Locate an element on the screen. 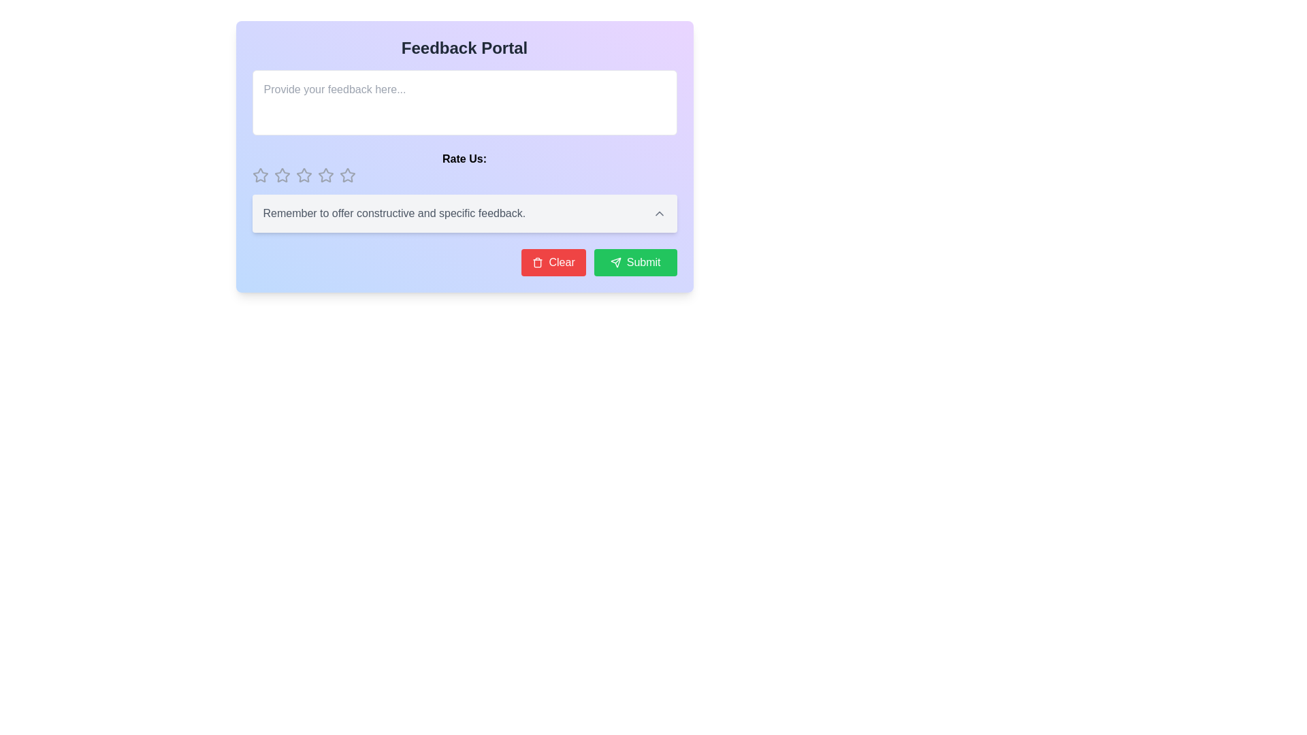 This screenshot has width=1307, height=735. the first rating star icon, which is a gray outlined star located immediately under the 'Rate Us:' label is located at coordinates (260, 175).